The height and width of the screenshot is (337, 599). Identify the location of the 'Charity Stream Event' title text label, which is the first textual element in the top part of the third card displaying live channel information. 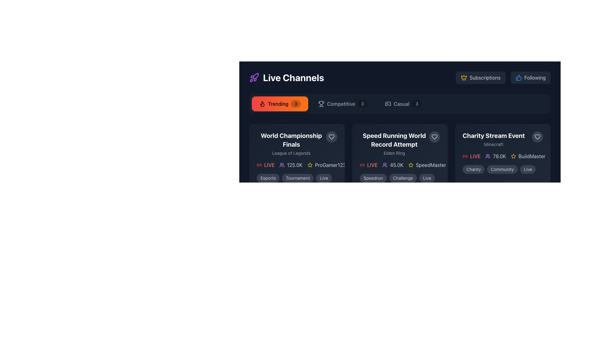
(493, 135).